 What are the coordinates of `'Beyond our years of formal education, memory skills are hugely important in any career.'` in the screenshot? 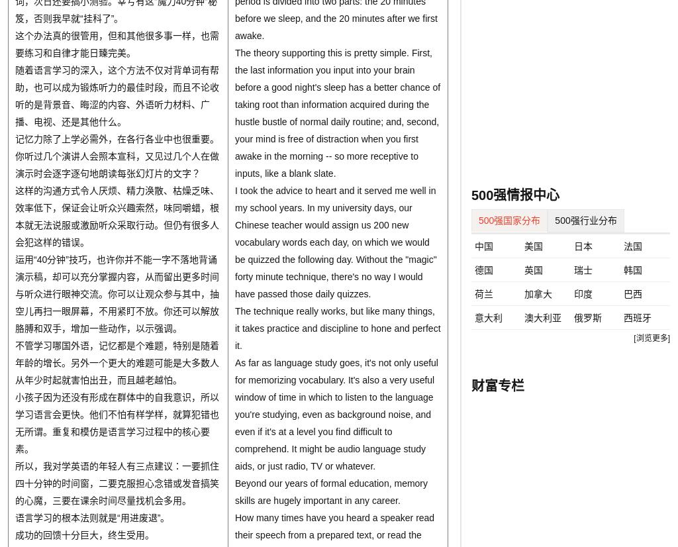 It's located at (235, 491).